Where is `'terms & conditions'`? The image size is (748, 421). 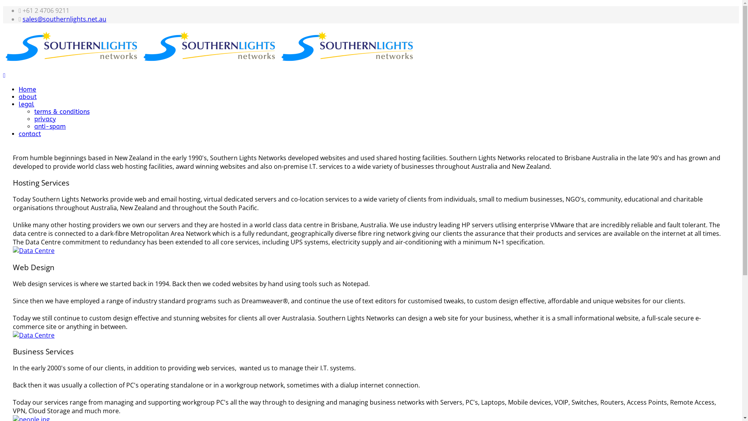 'terms & conditions' is located at coordinates (34, 111).